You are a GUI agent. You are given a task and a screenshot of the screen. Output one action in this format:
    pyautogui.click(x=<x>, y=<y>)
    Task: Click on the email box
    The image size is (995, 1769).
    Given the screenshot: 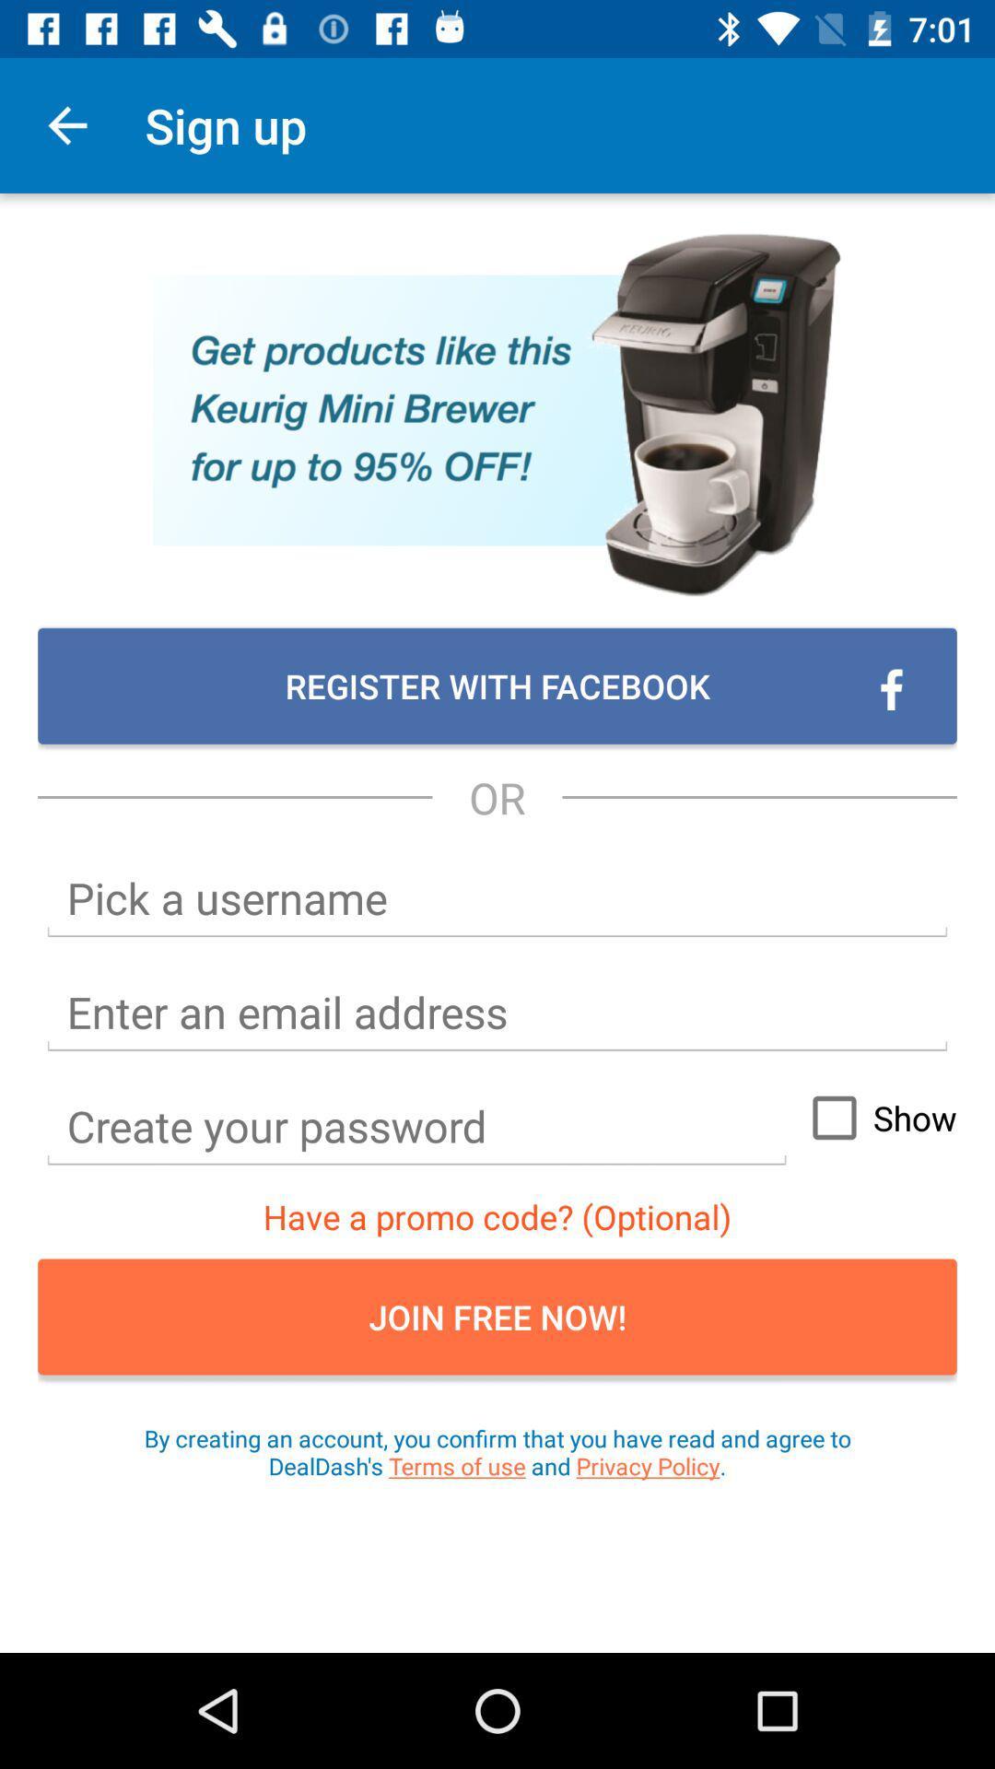 What is the action you would take?
    pyautogui.click(x=497, y=1012)
    